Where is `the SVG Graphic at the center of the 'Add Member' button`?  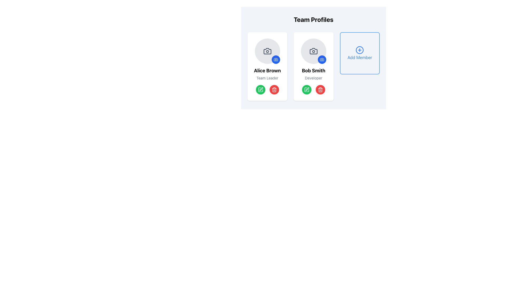
the SVG Graphic at the center of the 'Add Member' button is located at coordinates (359, 50).